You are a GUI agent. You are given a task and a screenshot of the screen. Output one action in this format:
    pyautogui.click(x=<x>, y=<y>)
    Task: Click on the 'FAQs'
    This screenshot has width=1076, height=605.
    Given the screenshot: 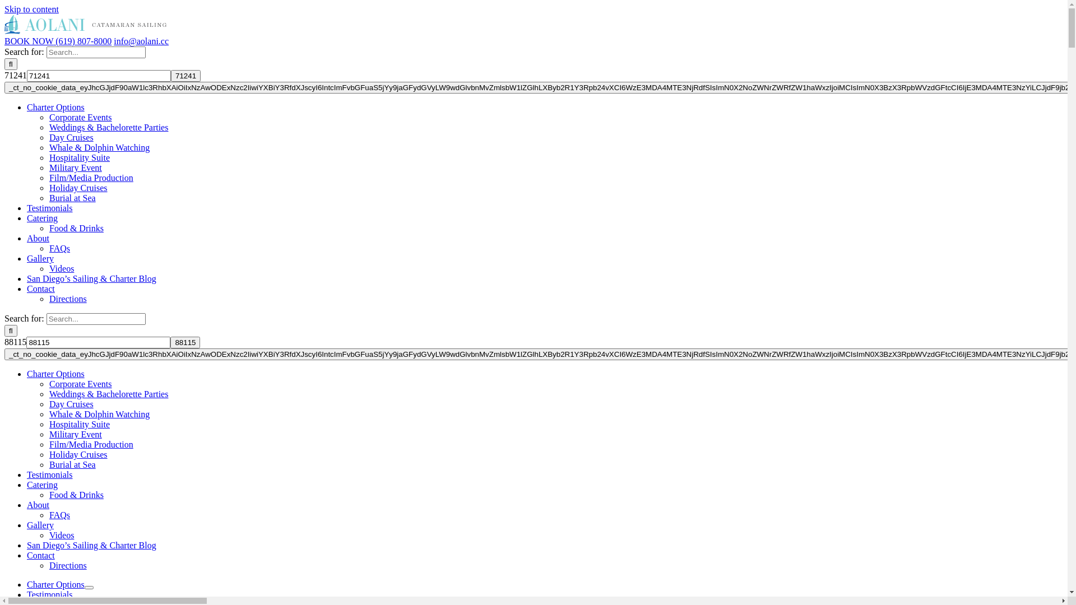 What is the action you would take?
    pyautogui.click(x=48, y=515)
    